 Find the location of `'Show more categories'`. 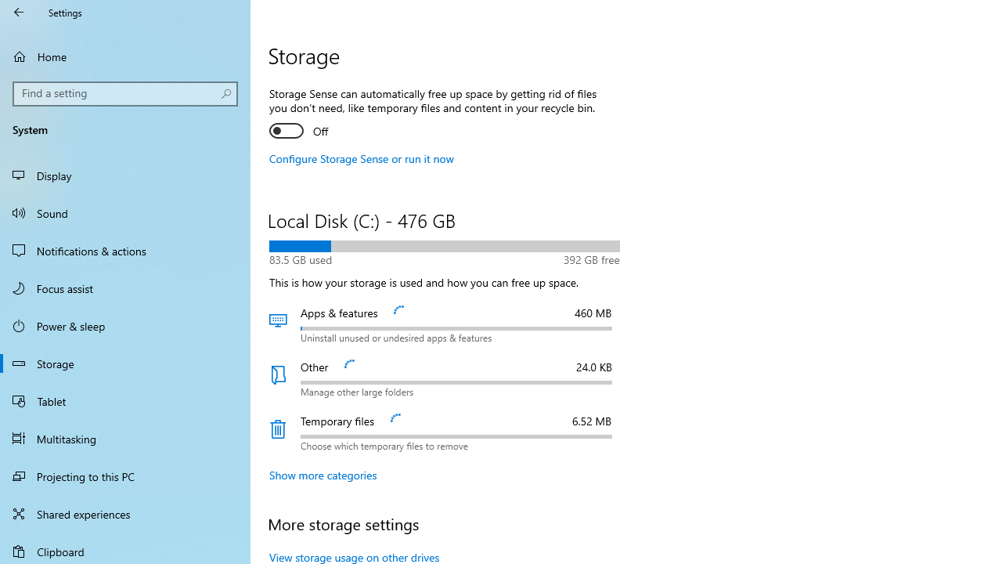

'Show more categories' is located at coordinates (323, 474).